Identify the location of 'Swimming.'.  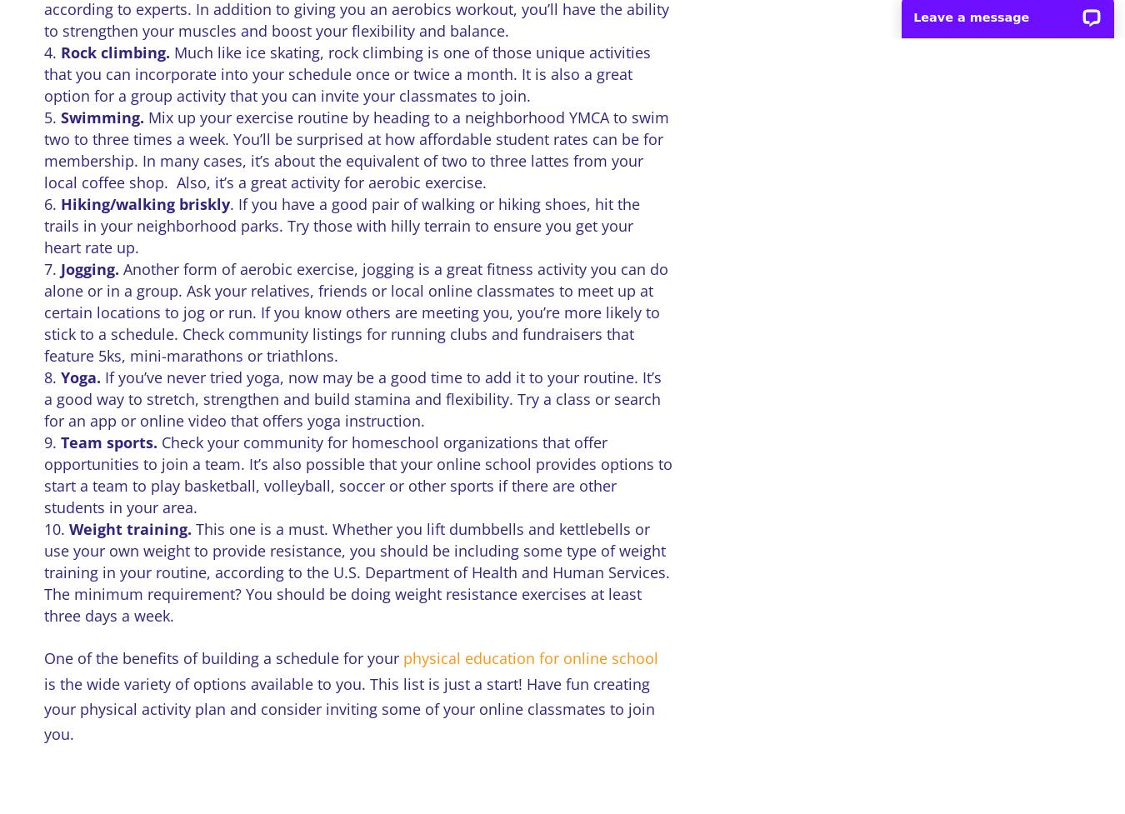
(58, 117).